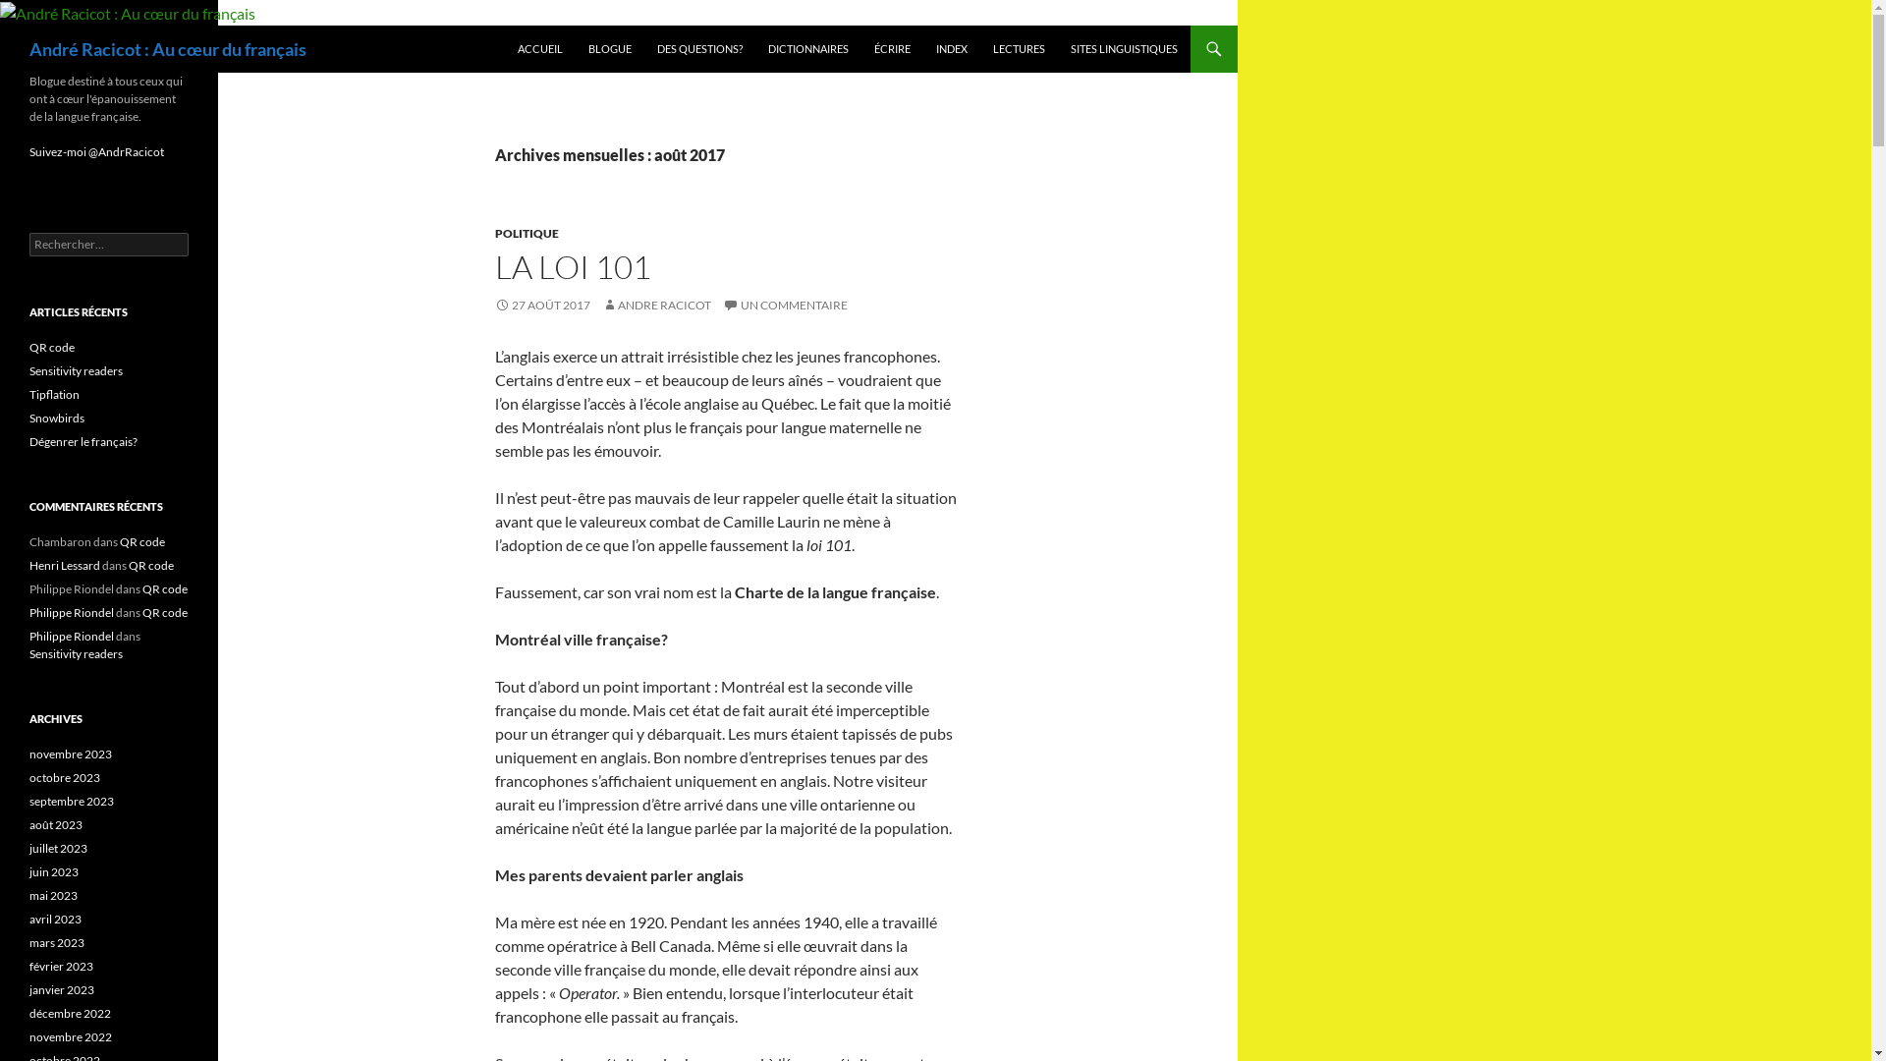 Image resolution: width=1886 pixels, height=1061 pixels. What do you see at coordinates (71, 753) in the screenshot?
I see `'novembre 2023'` at bounding box center [71, 753].